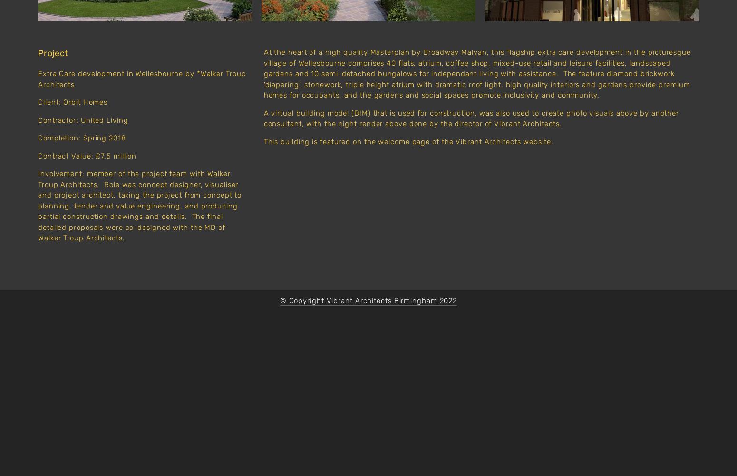 Image resolution: width=737 pixels, height=476 pixels. I want to click on 'Extra Care development in Wellesbourne by *Walker Troup Architects', so click(143, 79).